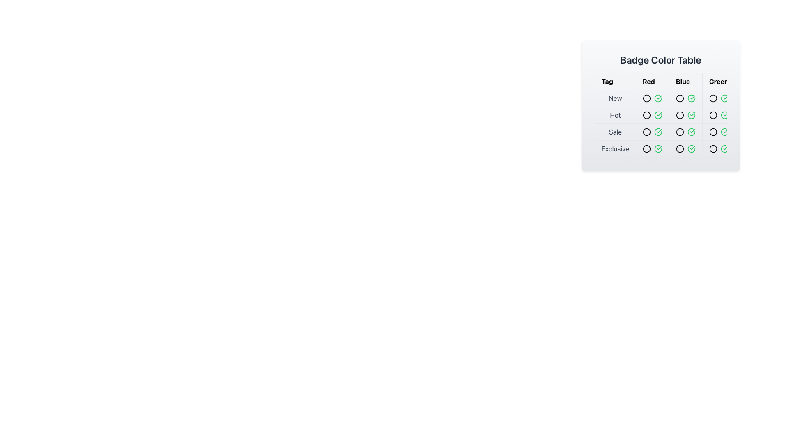  I want to click on the text label that displays the word 'New', located in the first cell of the first column under the 'Tag' header within the 'Badge Color Table', so click(615, 98).